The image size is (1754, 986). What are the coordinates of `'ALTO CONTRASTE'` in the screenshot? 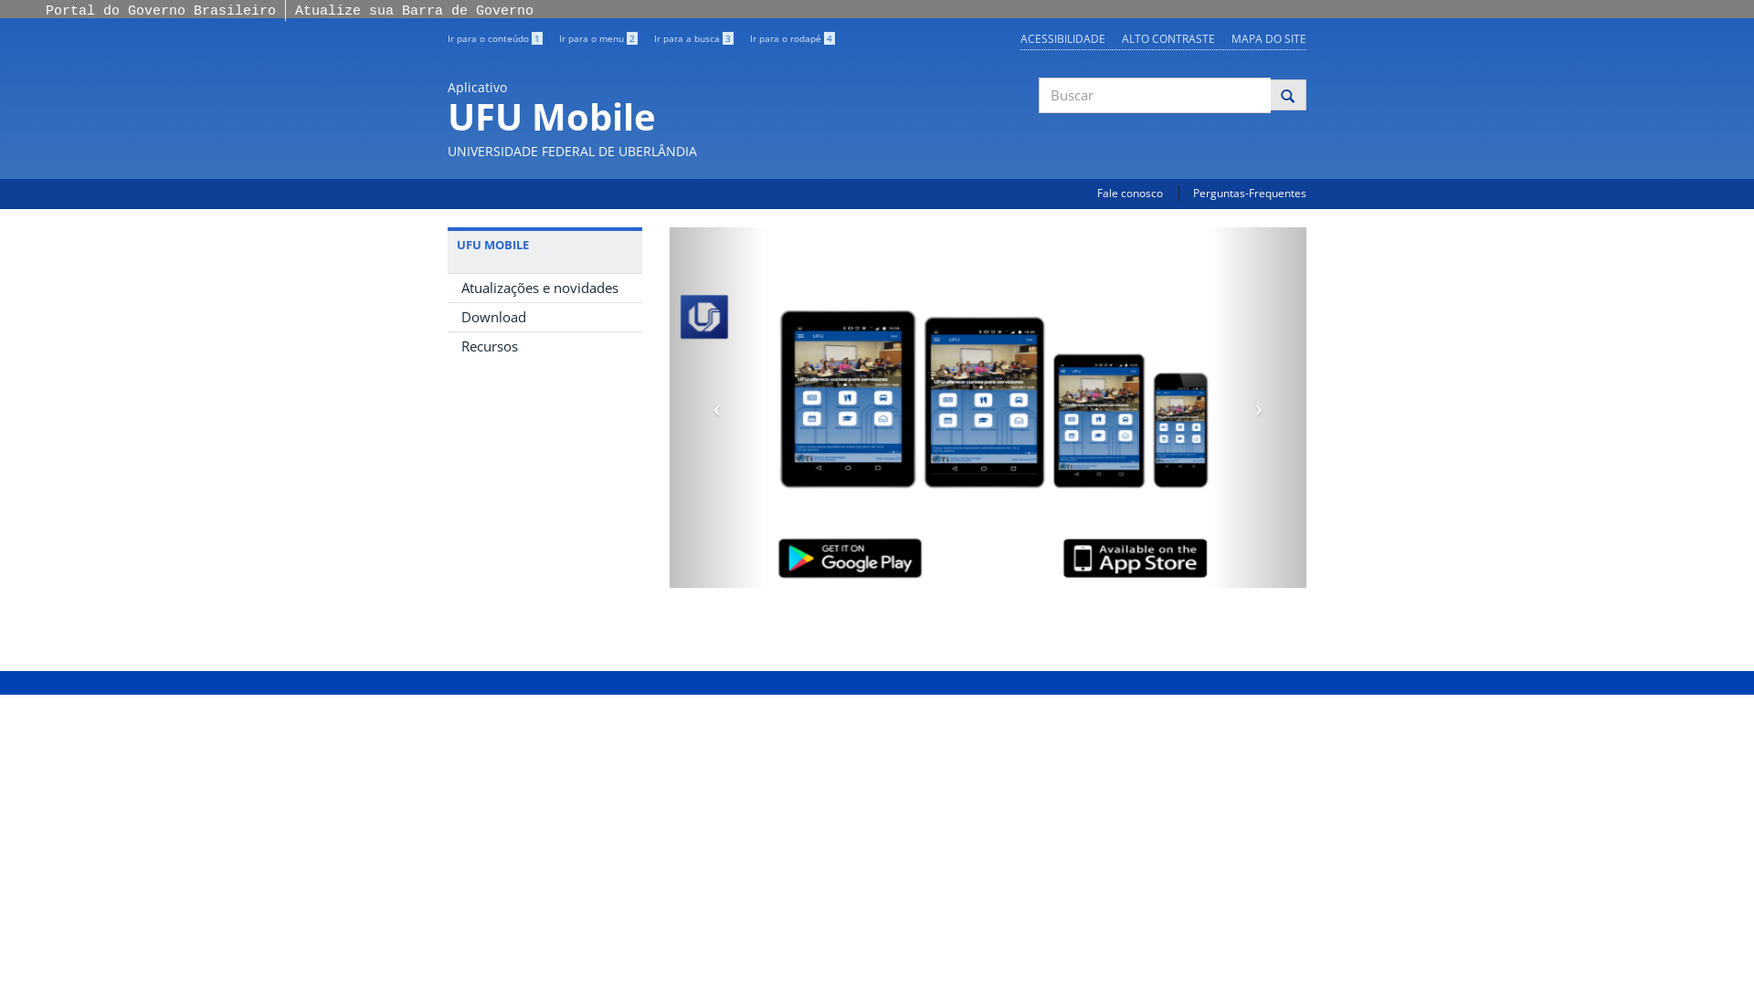 It's located at (1167, 38).